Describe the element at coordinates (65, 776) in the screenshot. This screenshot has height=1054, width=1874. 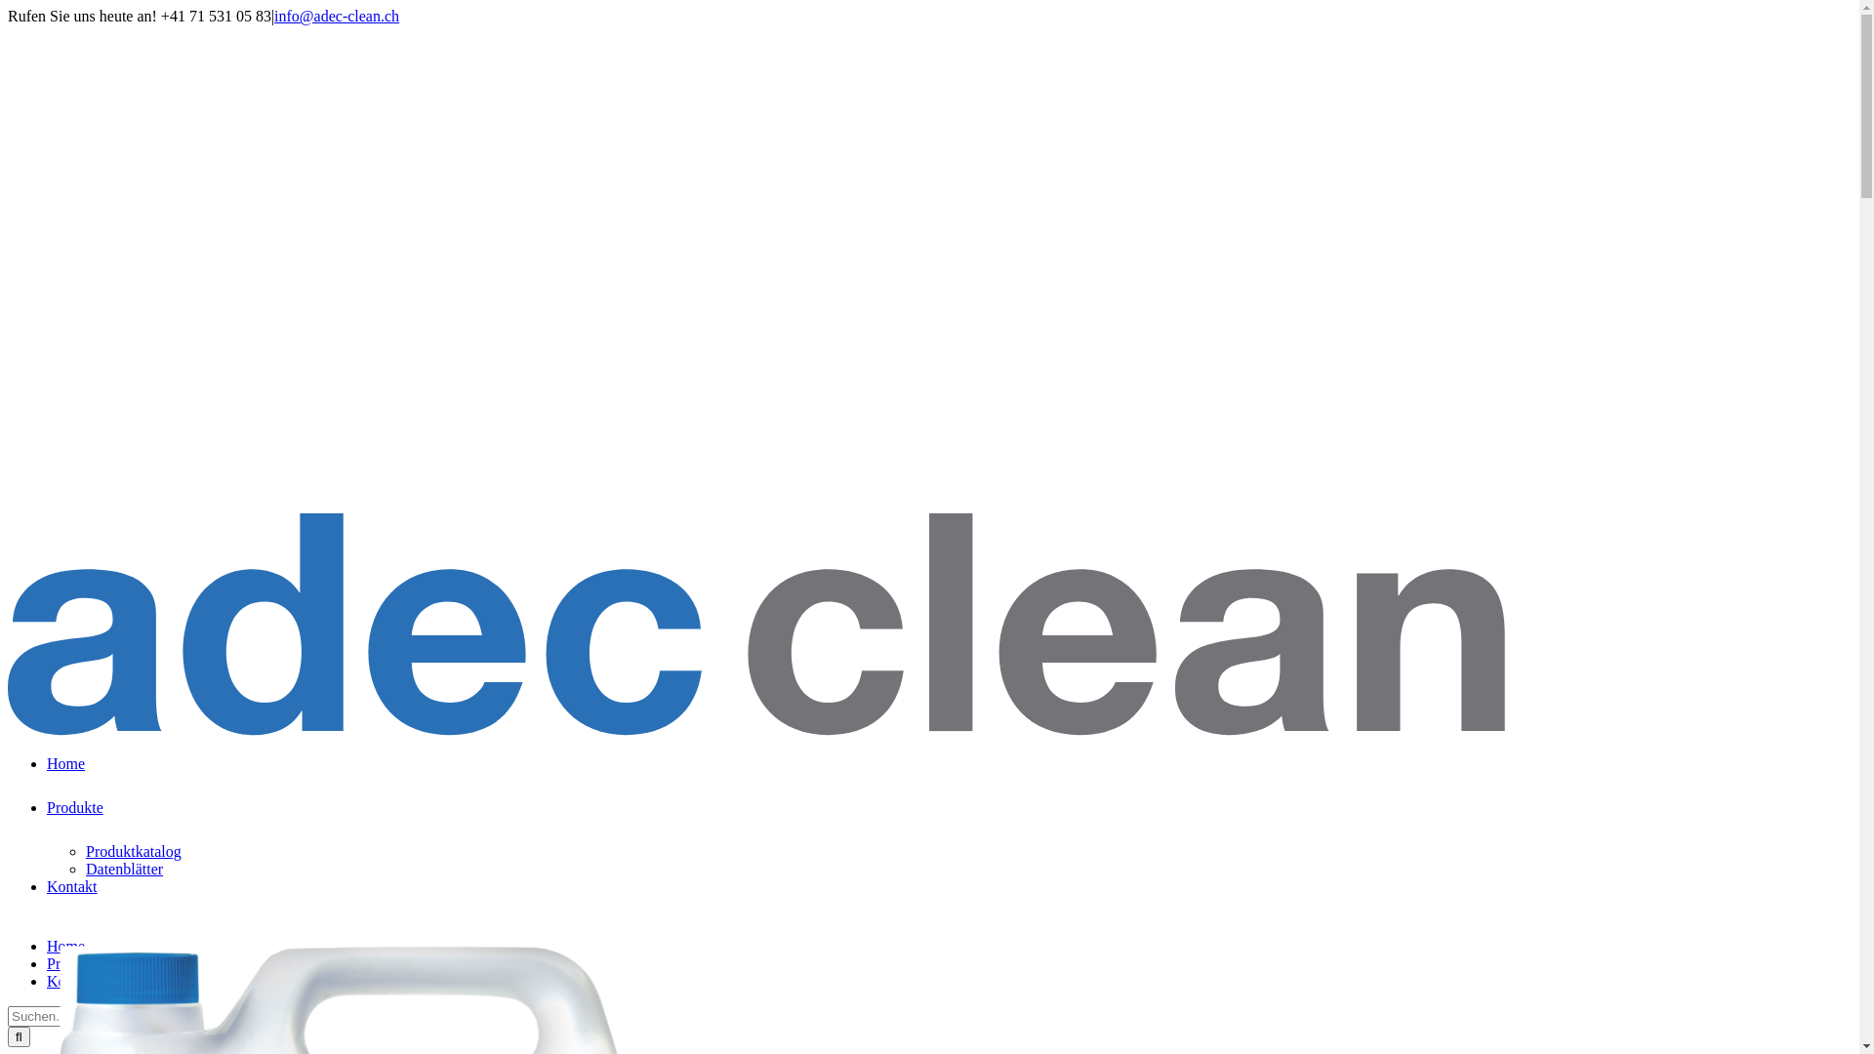
I see `'Home'` at that location.